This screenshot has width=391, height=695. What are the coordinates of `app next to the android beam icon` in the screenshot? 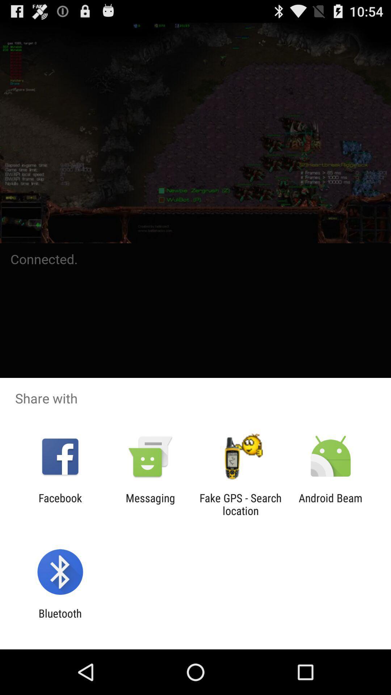 It's located at (240, 504).